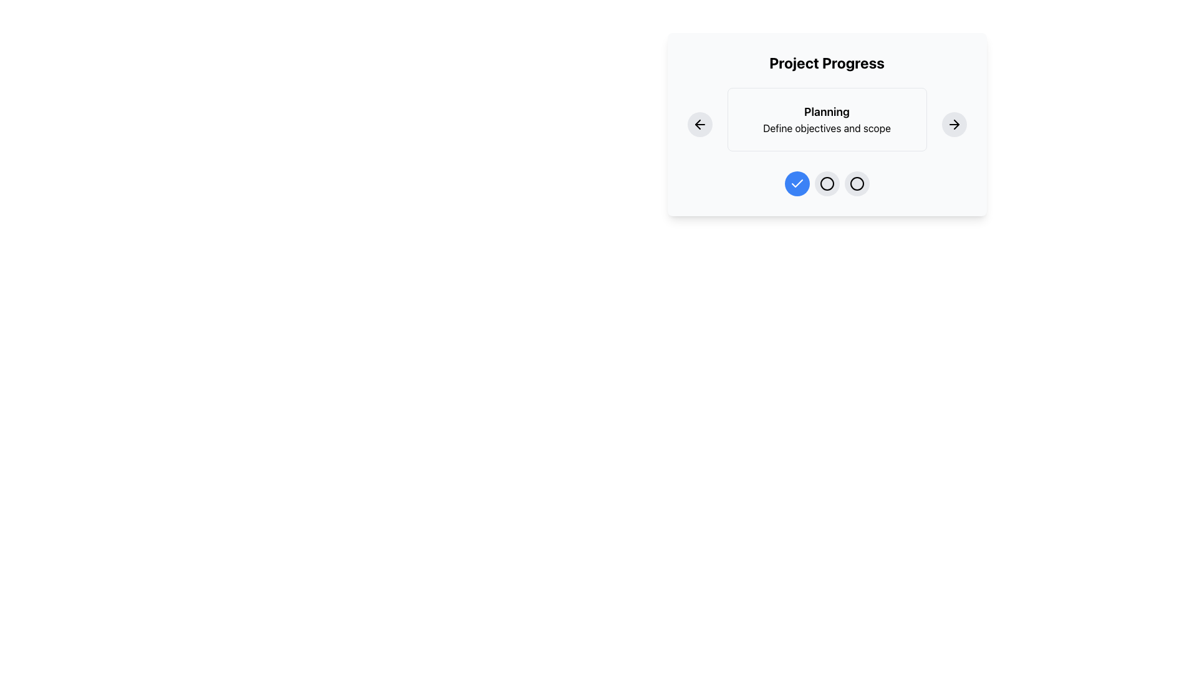 This screenshot has height=673, width=1197. Describe the element at coordinates (699, 125) in the screenshot. I see `the circular button with a gray background and a leftward-pointing arrow icon` at that location.